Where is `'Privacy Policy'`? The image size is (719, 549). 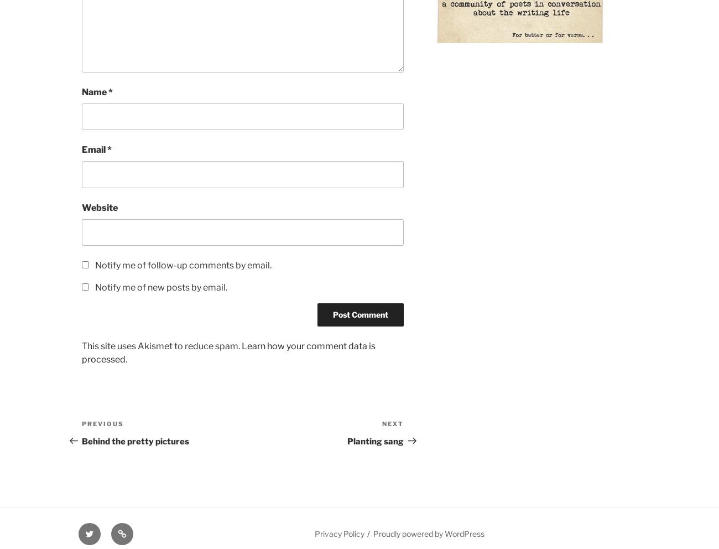 'Privacy Policy' is located at coordinates (338, 534).